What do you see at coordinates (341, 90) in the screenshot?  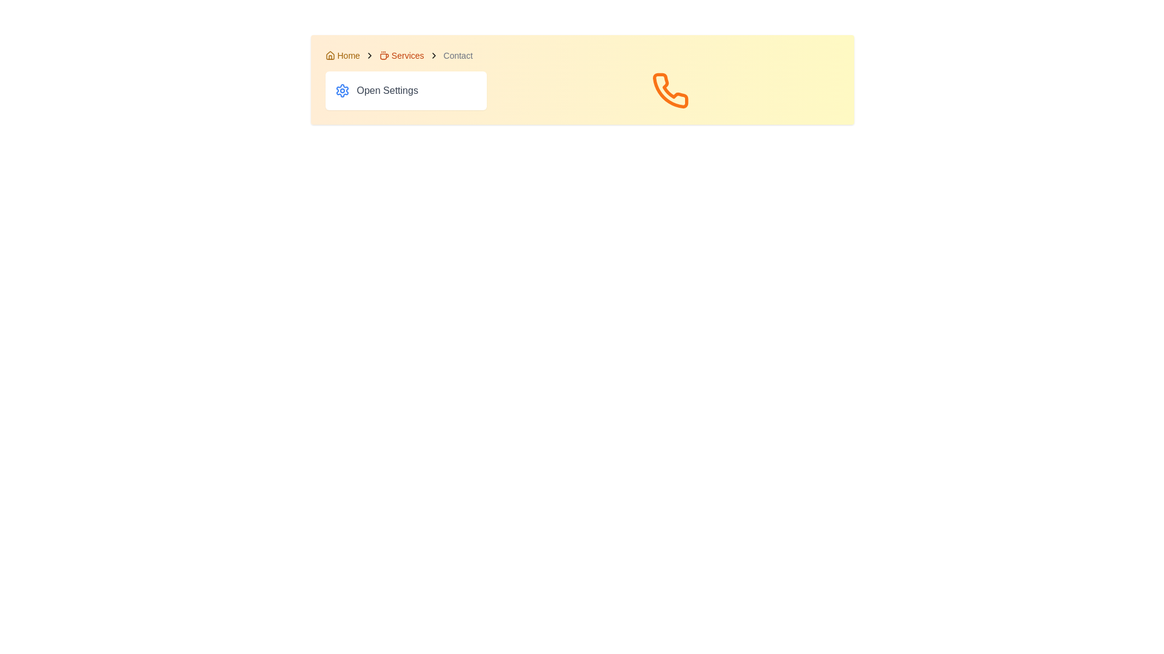 I see `the settings icon located in the upper central section of the interface, adjacent to the text 'Open Settings'` at bounding box center [341, 90].